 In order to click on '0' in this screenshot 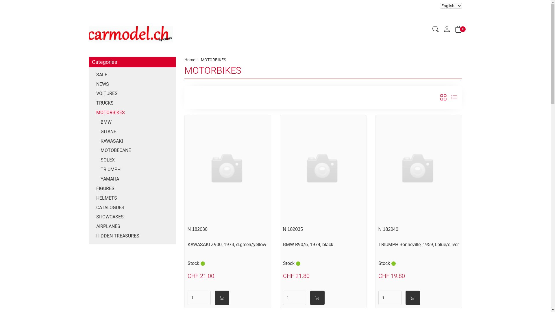, I will do `click(458, 30)`.